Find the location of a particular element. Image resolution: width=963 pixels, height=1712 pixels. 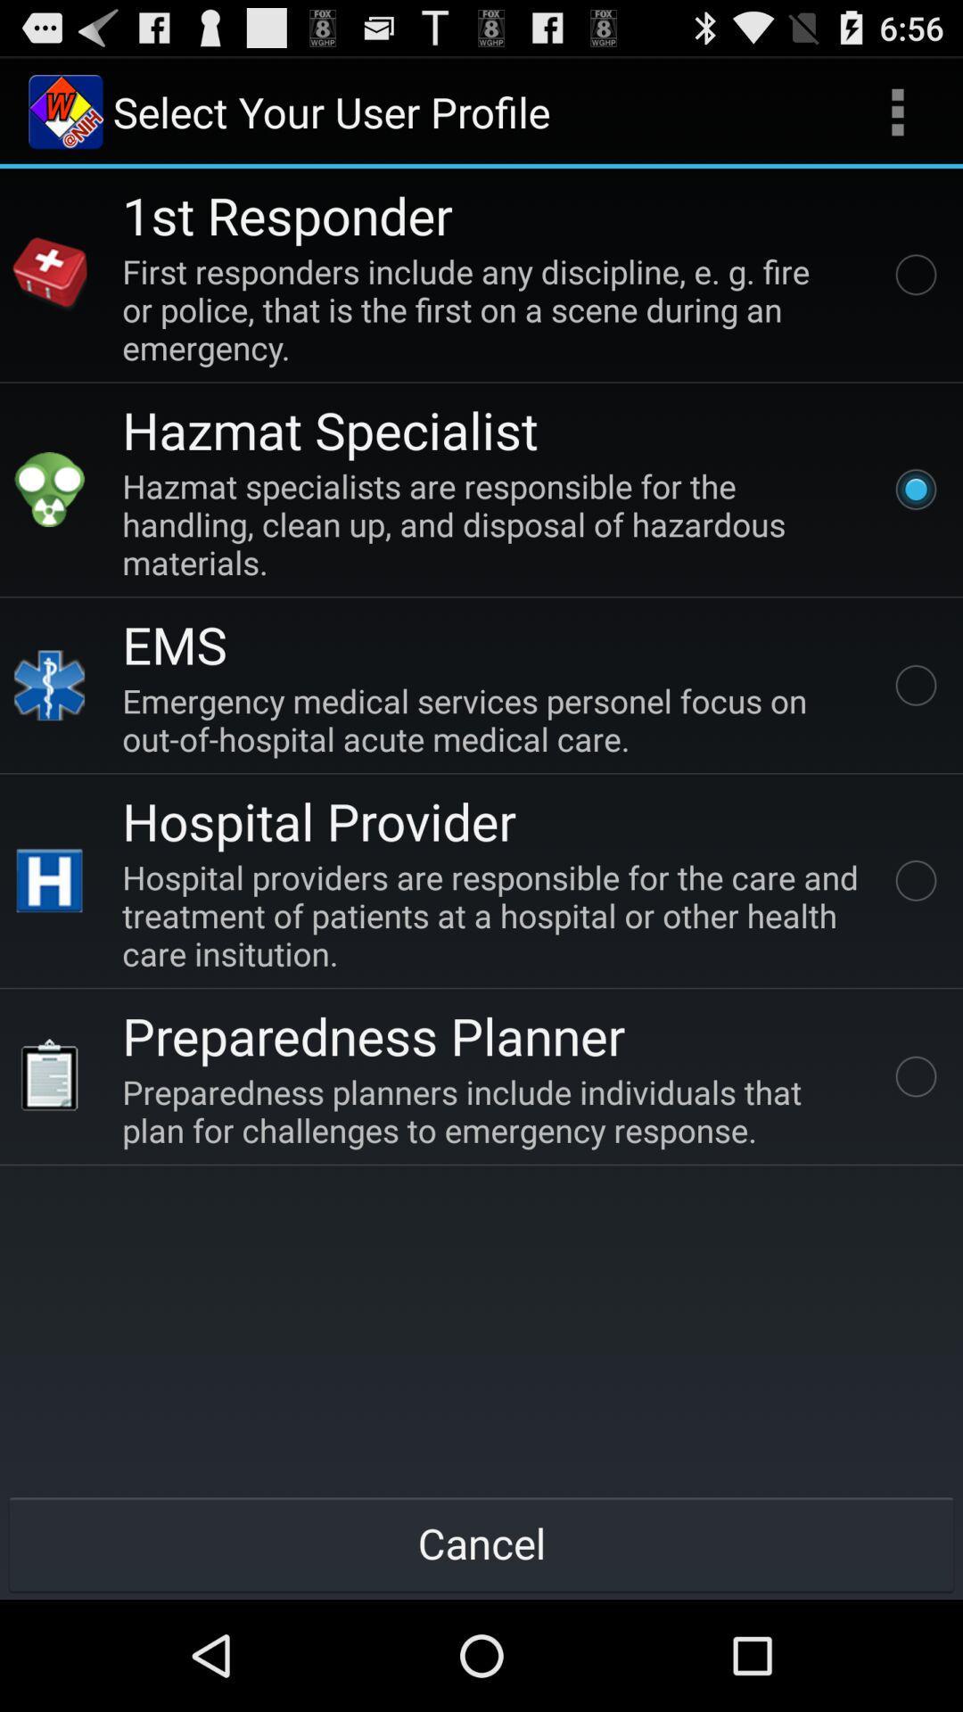

the hazmat specialists are item is located at coordinates (494, 523).